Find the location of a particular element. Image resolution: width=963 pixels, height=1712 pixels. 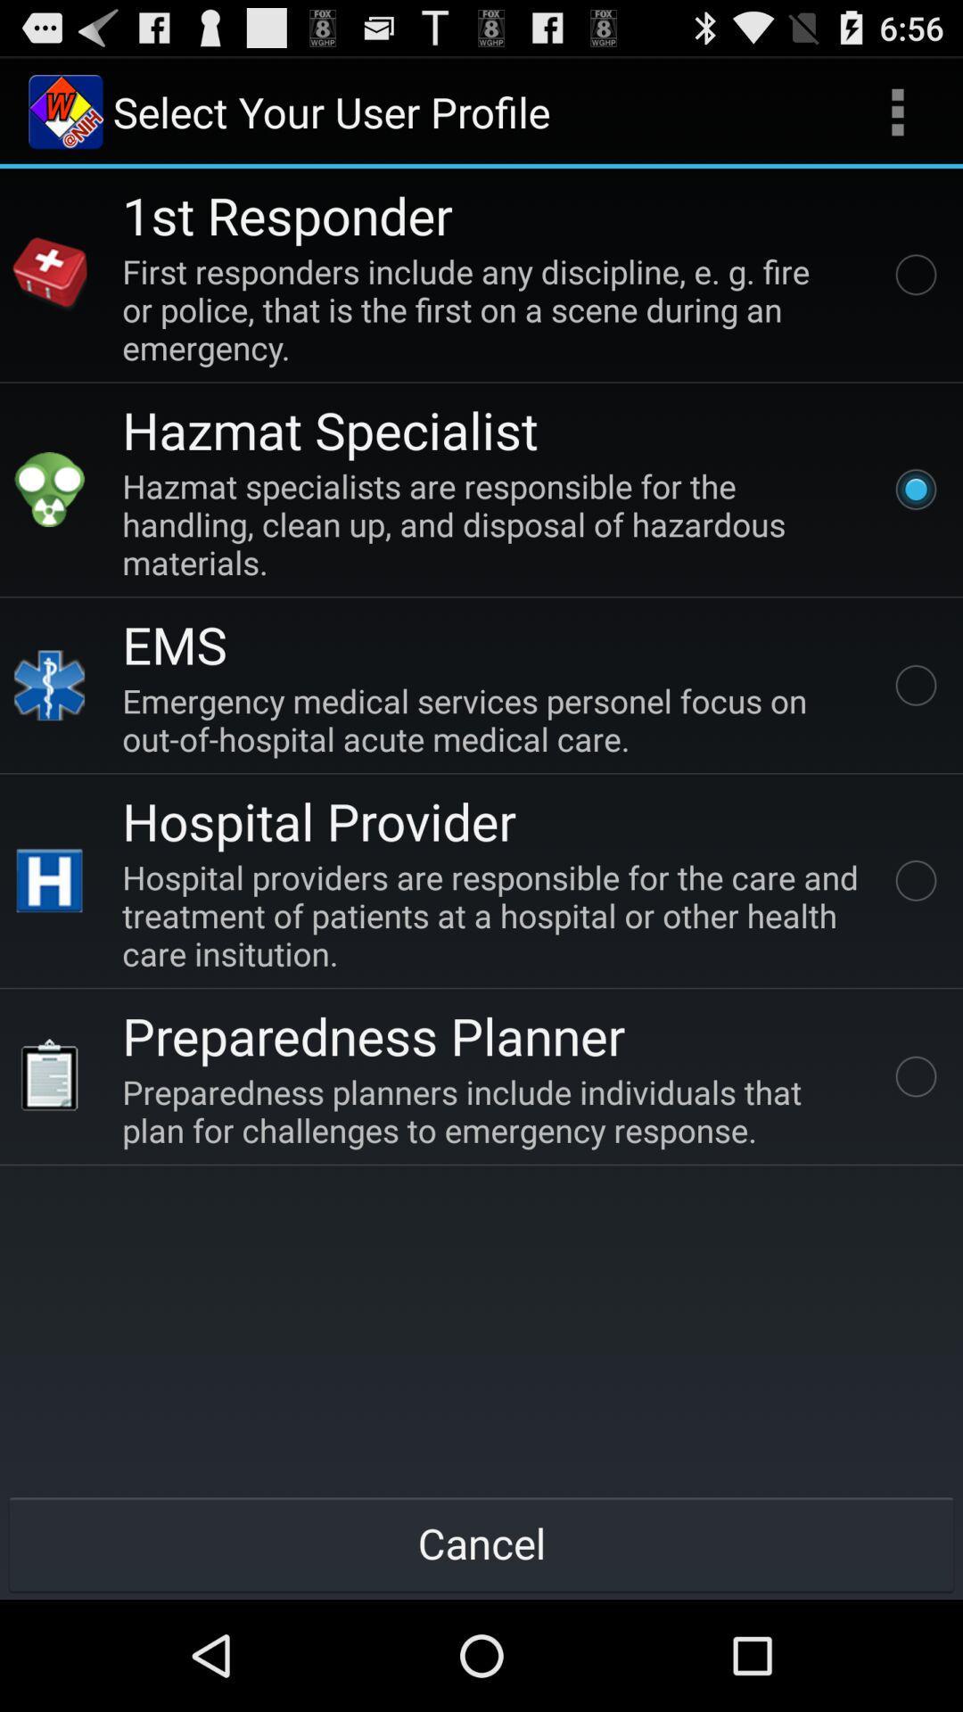

the hazmat specialists are item is located at coordinates (494, 523).